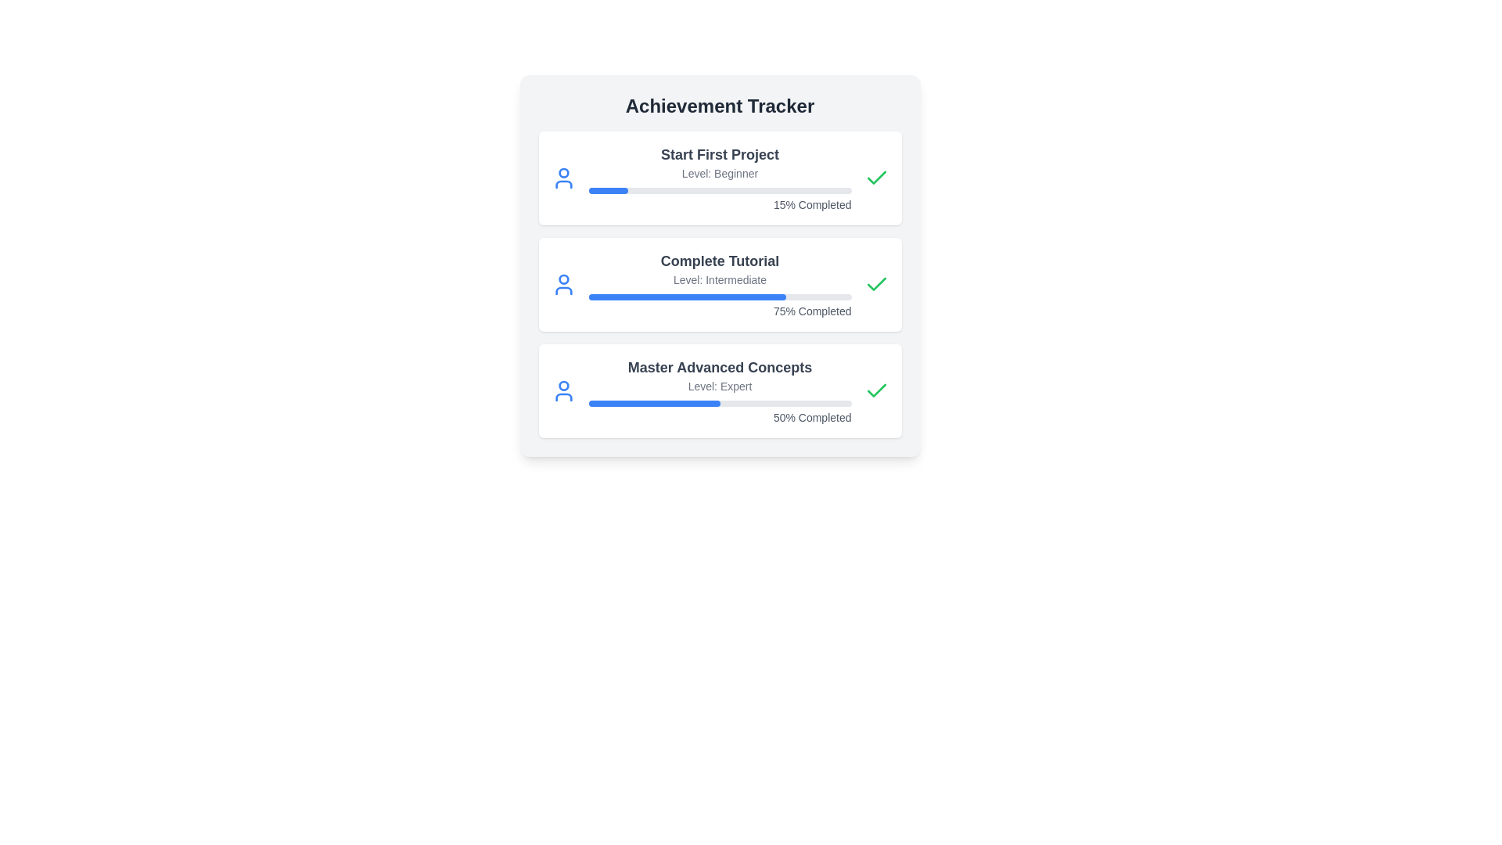 The width and height of the screenshot is (1502, 845). I want to click on the small circle representing the head of the user profile icon, which is part of the 'Start First Project' section in the upper-left area of the card, so click(563, 173).